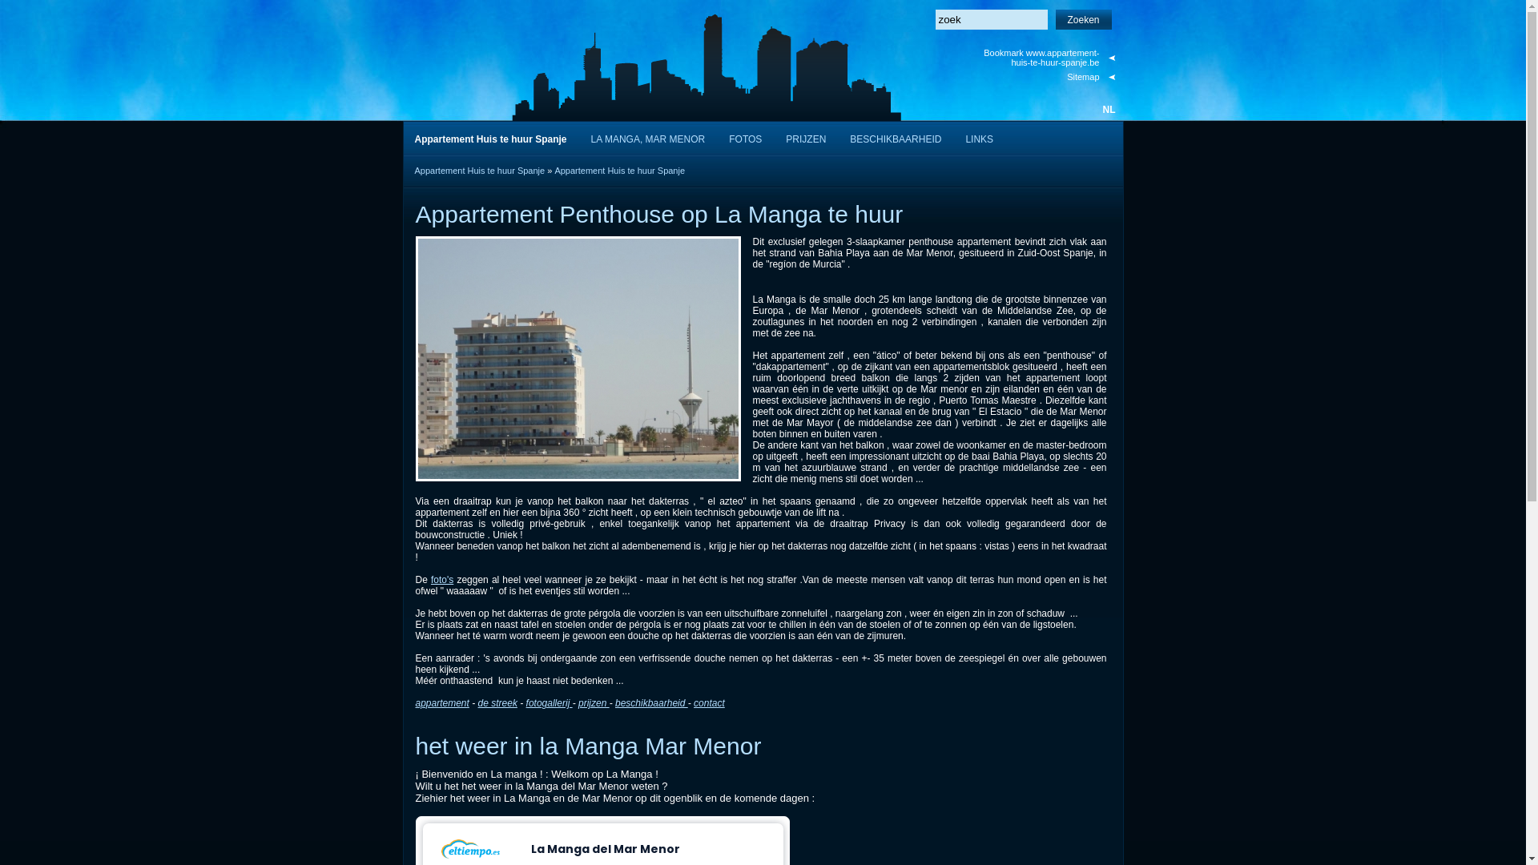  Describe the element at coordinates (648, 137) in the screenshot. I see `'LA MANGA, MAR MENOR'` at that location.